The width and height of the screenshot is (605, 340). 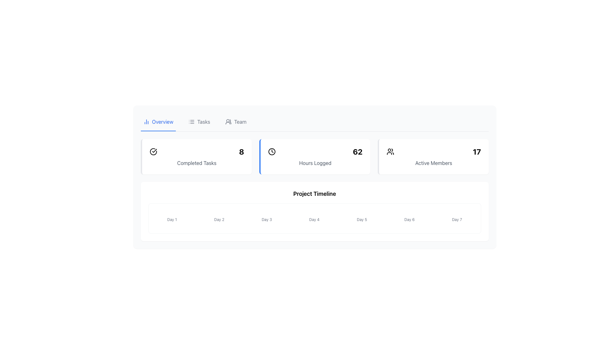 I want to click on the green checkmark icon that indicates 'Completed Tasks' located to the left of the number '8', so click(x=153, y=152).